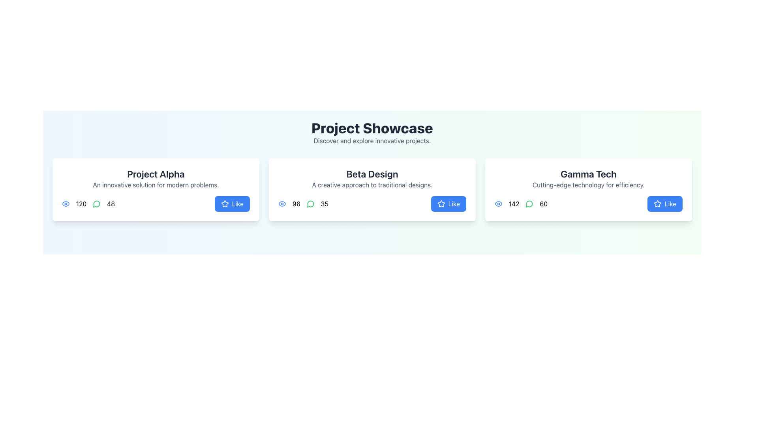 The width and height of the screenshot is (758, 426). Describe the element at coordinates (371, 127) in the screenshot. I see `the prominently styled text displaying the title 'Project Showcase', which is large, bold, and in dark gray color, located centrally at the top of the section above the subtitle 'Discover and explore innovative projects'` at that location.